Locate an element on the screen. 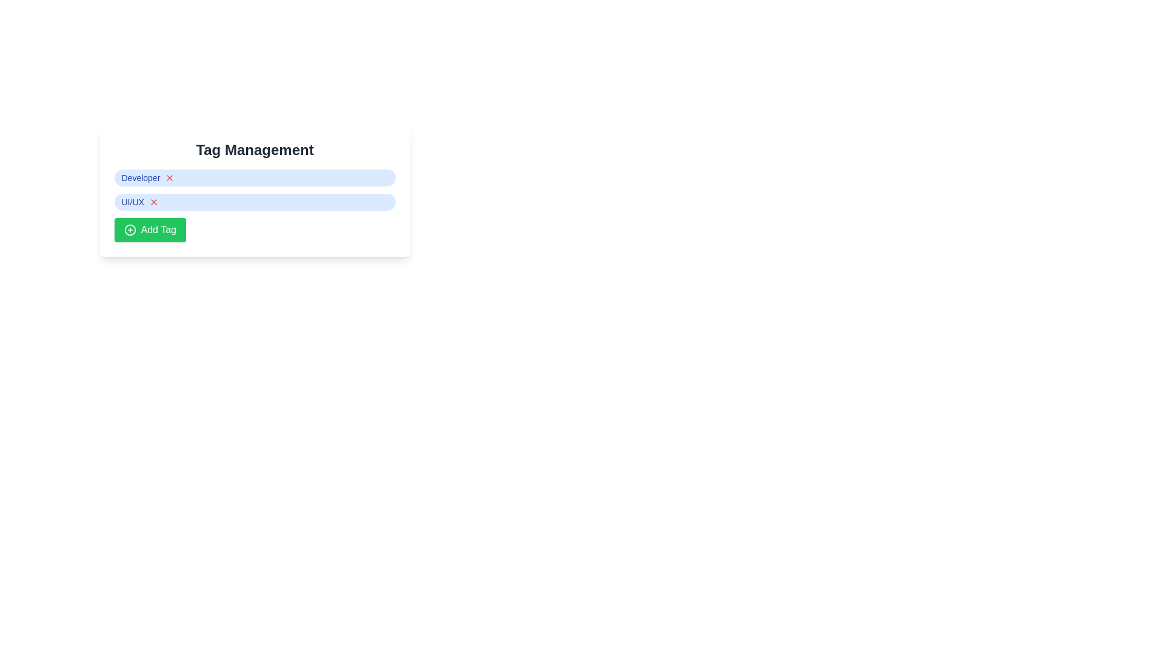 The width and height of the screenshot is (1164, 654). text label 'Add Tag' located on the green button at the bottom of the 'Tag Management' card layout is located at coordinates (158, 230).